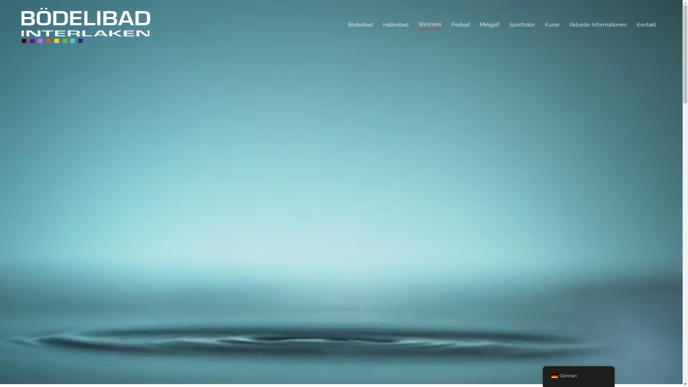 The height and width of the screenshot is (387, 688). I want to click on 'Wellness', so click(430, 24).